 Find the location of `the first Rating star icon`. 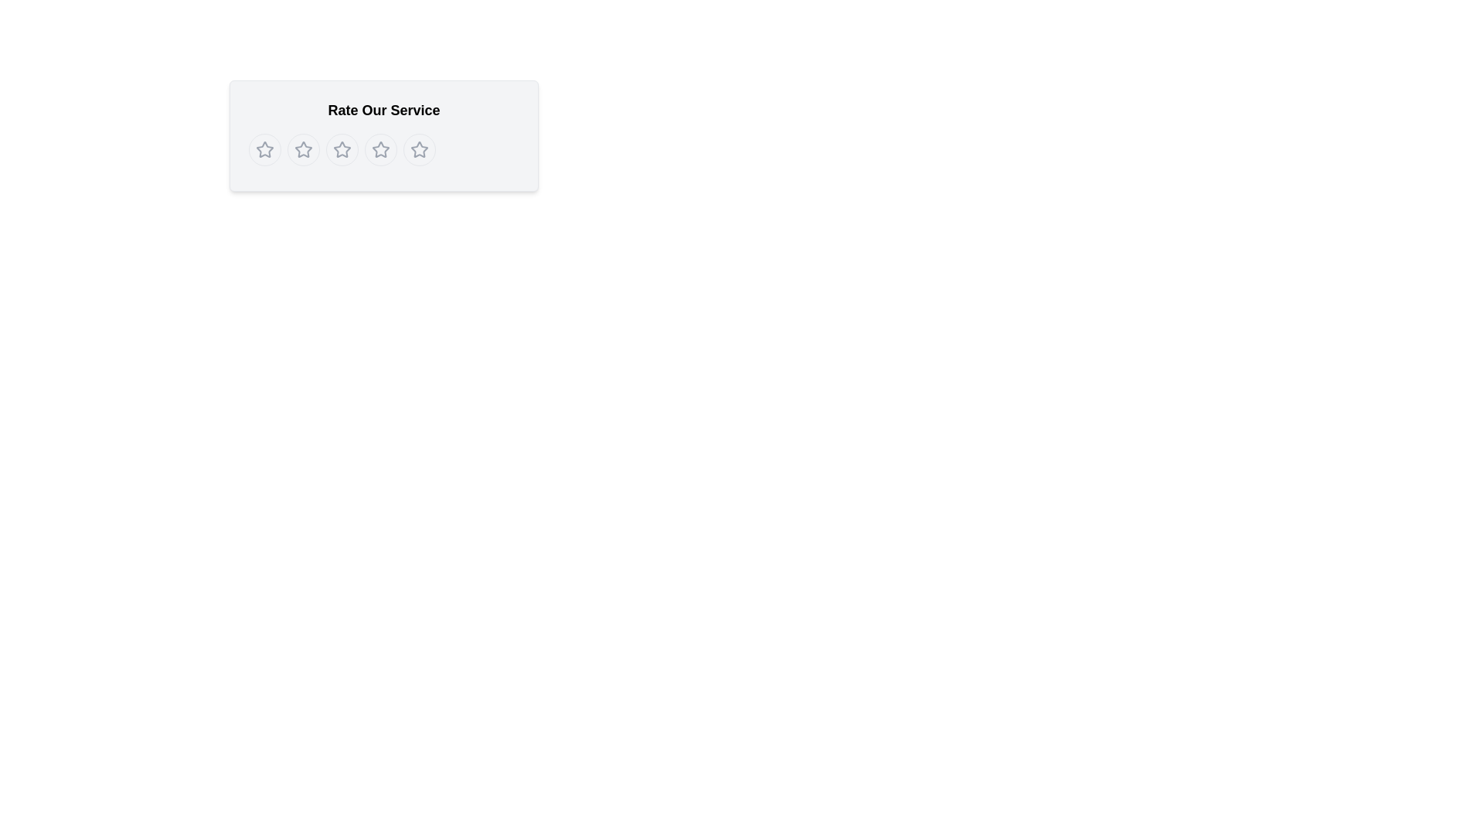

the first Rating star icon is located at coordinates (264, 149).